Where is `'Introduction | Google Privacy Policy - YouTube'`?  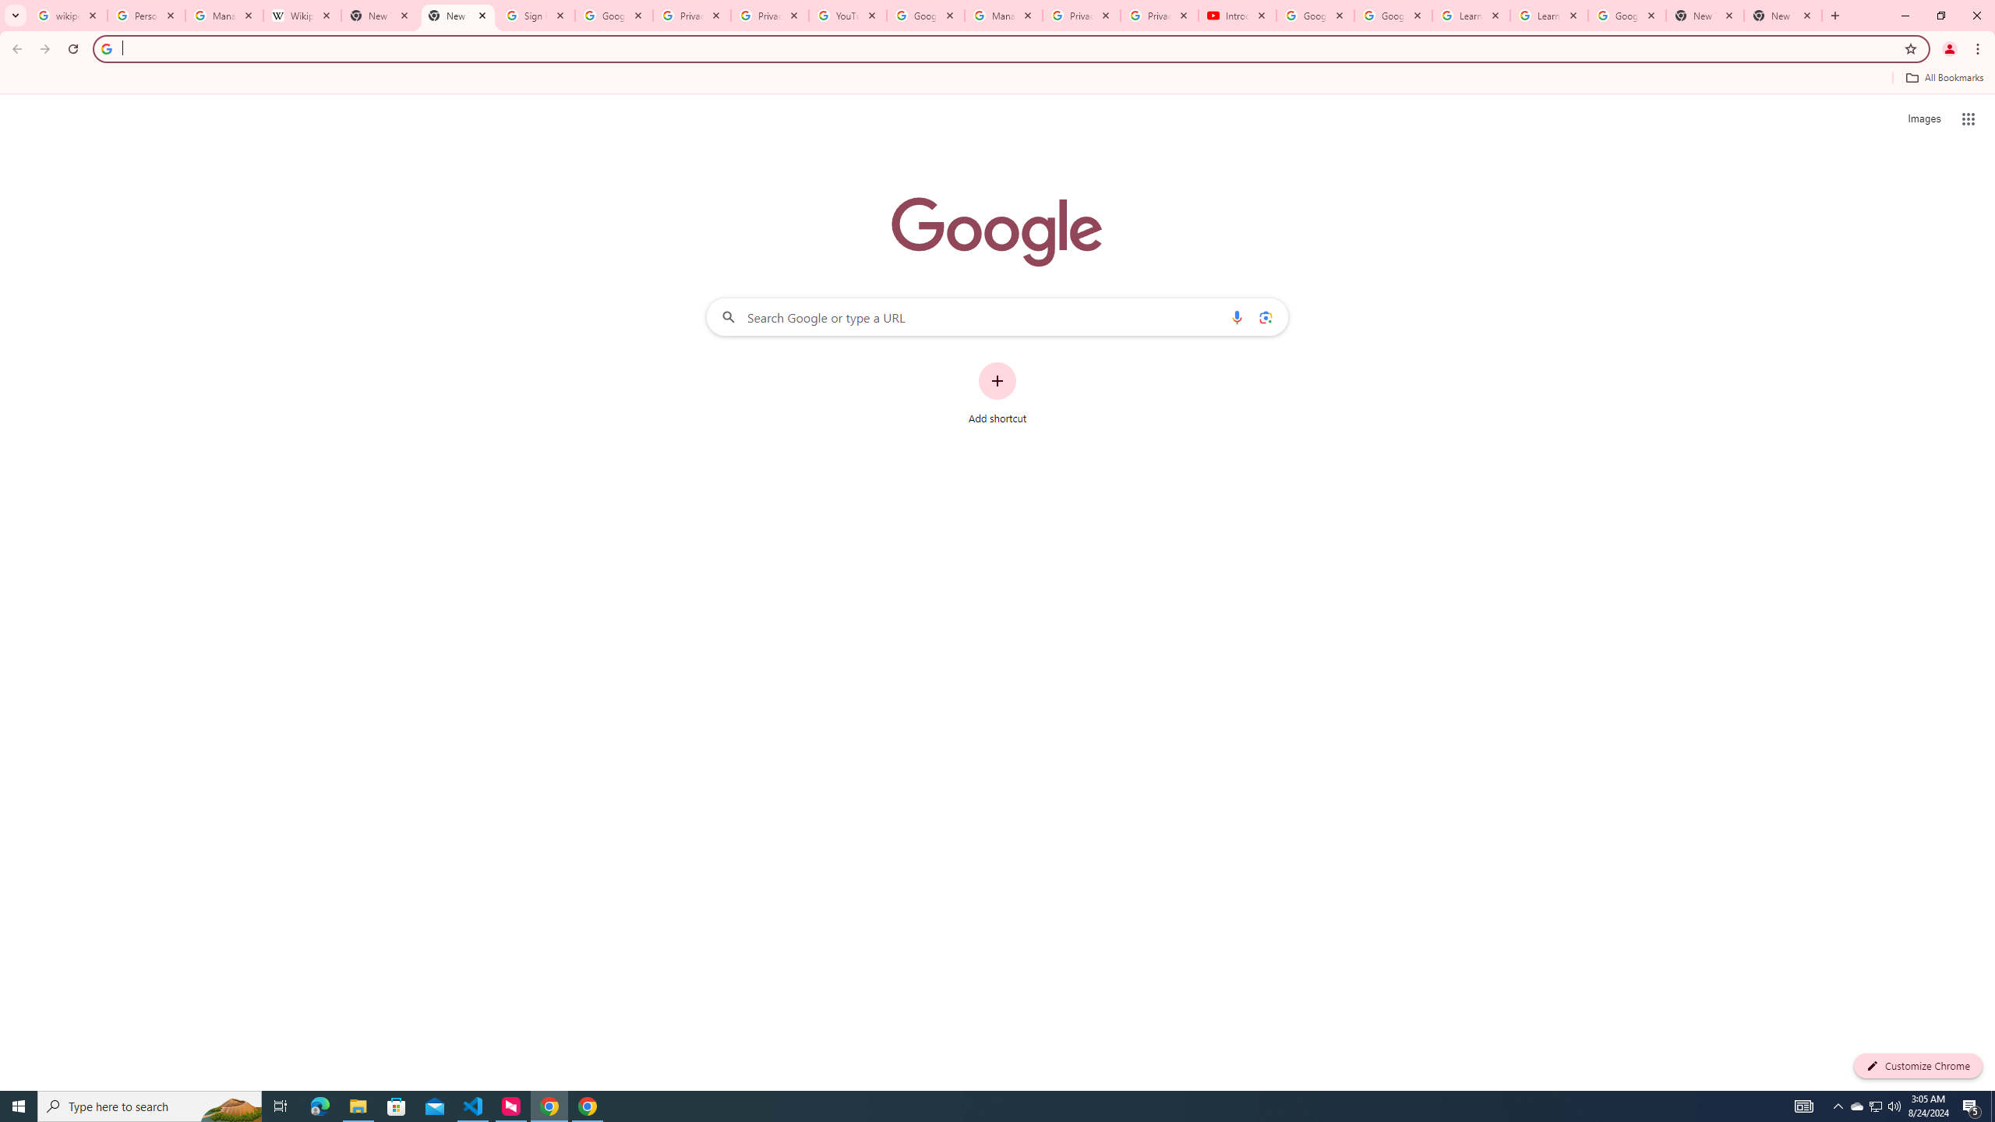 'Introduction | Google Privacy Policy - YouTube' is located at coordinates (1236, 15).